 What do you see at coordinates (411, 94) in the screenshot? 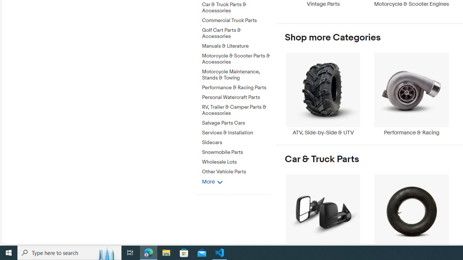
I see `'Performance & Racing'` at bounding box center [411, 94].